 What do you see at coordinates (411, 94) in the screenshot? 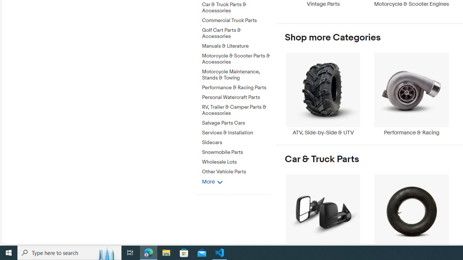
I see `'Performance & Racing'` at bounding box center [411, 94].